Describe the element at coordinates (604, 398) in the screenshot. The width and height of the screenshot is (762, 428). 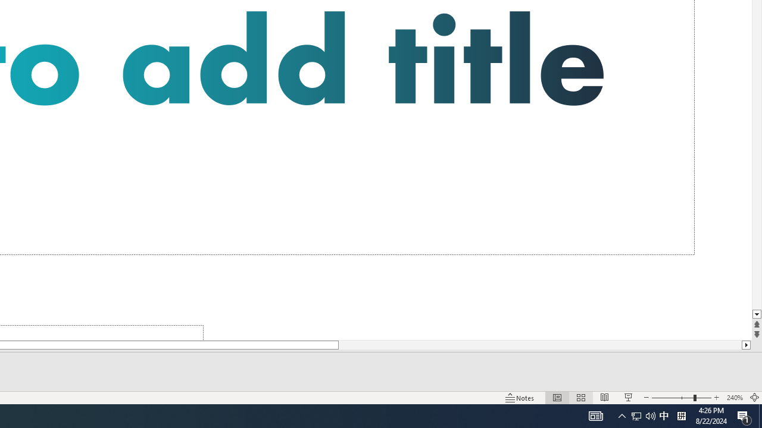
I see `'Reading View'` at that location.